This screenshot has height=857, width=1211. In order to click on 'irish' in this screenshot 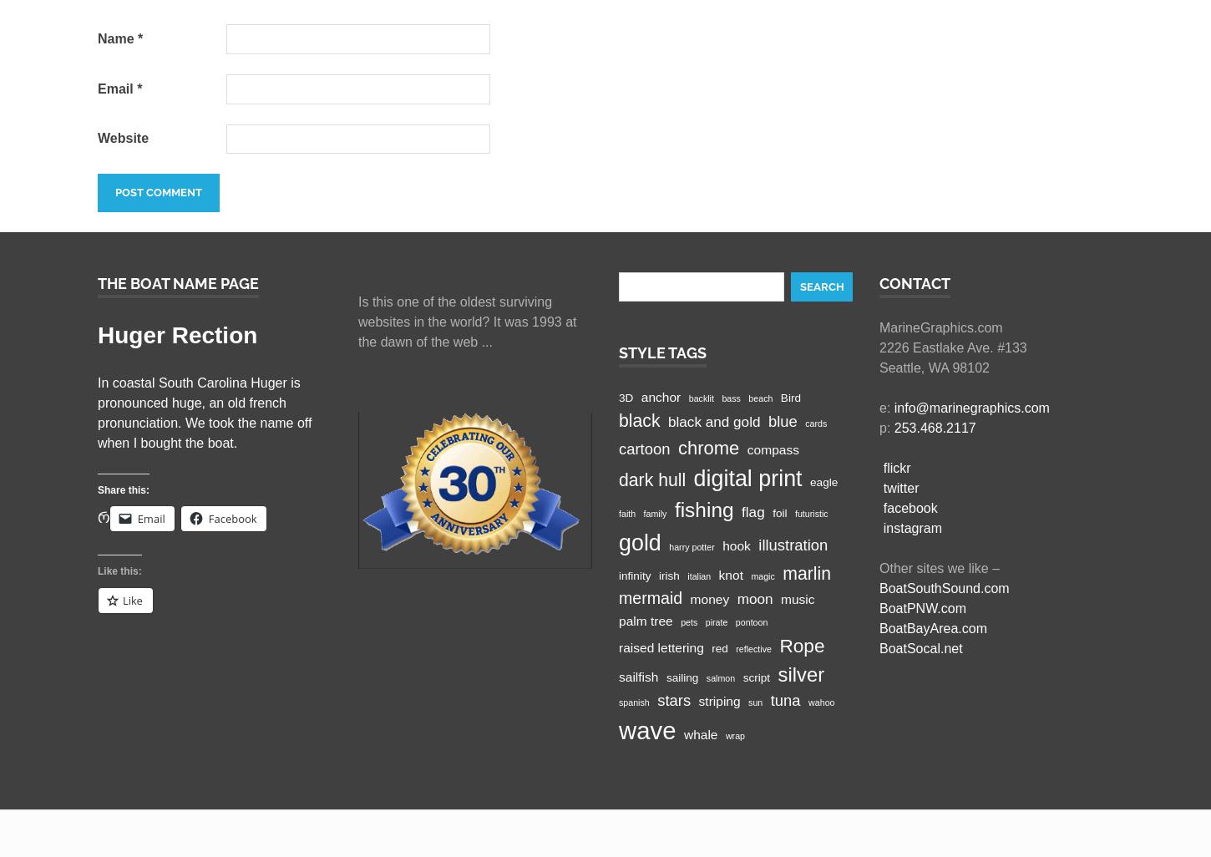, I will do `click(668, 574)`.